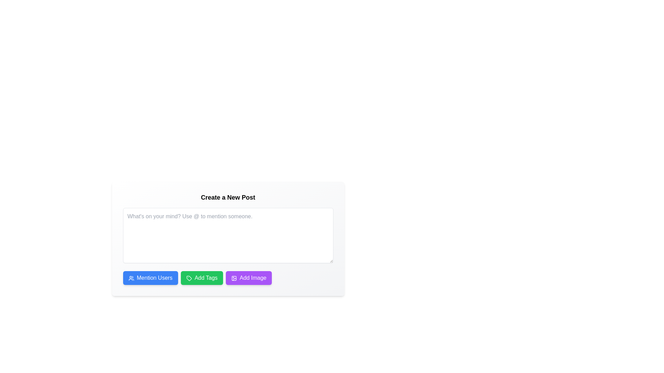 This screenshot has width=664, height=373. I want to click on the button that triggers an action for adding an image, located as the third and rightmost button in a horizontal group of three buttons at the bottom right of a text entry field, so click(249, 278).